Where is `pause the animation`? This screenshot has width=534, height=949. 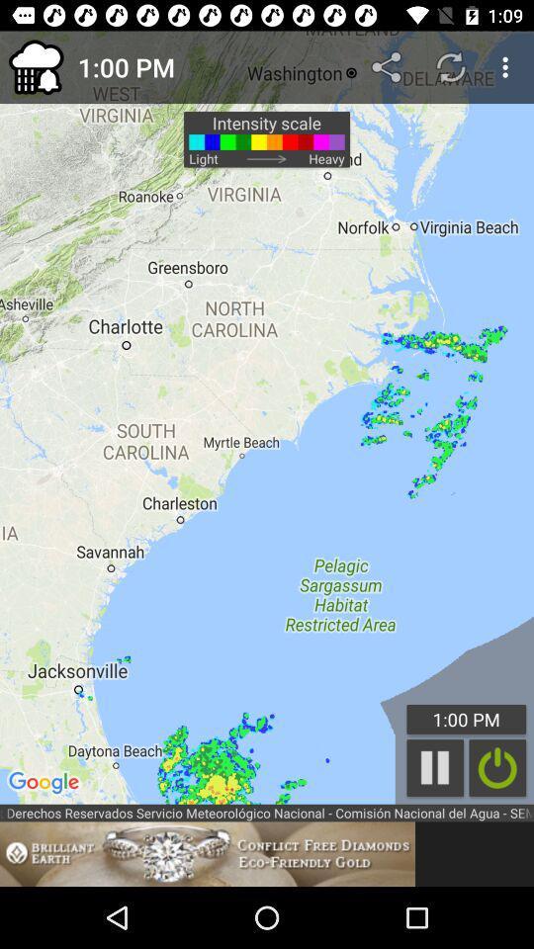
pause the animation is located at coordinates (435, 767).